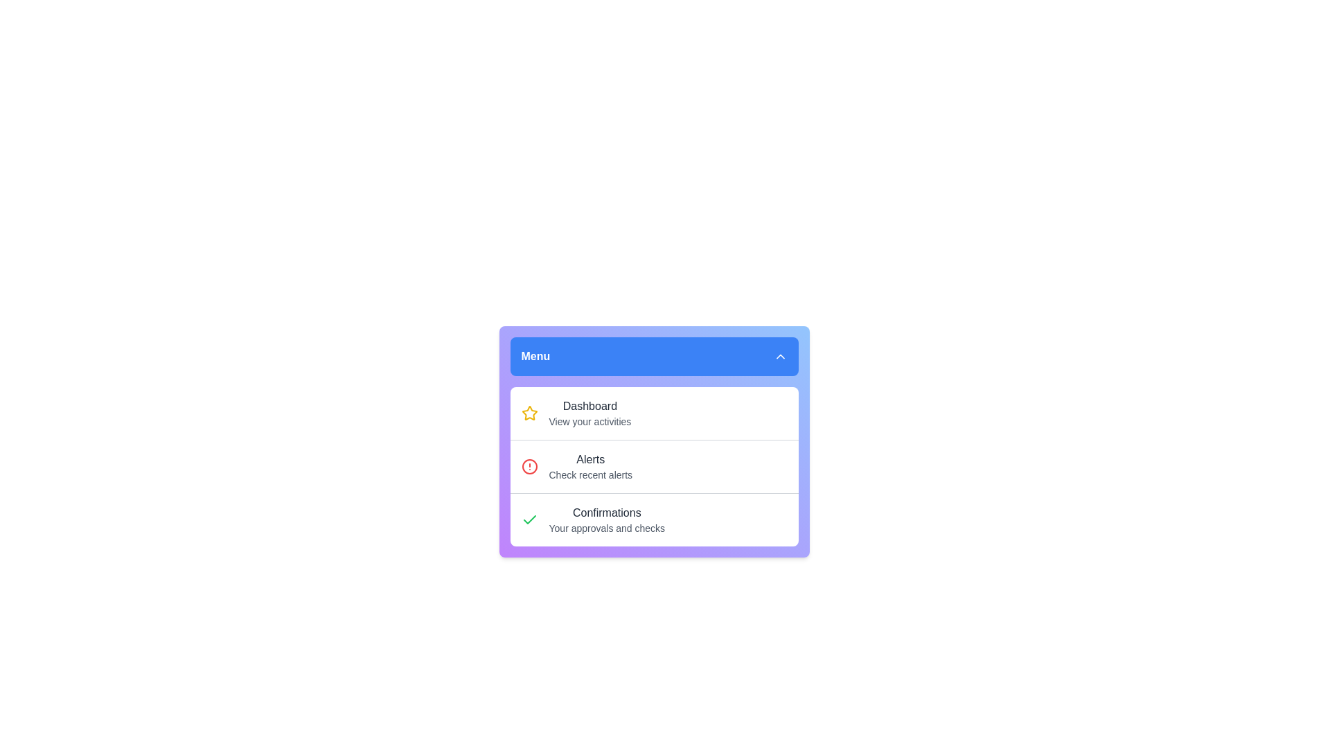 Image resolution: width=1330 pixels, height=748 pixels. What do you see at coordinates (590, 467) in the screenshot?
I see `the 'Recent Alerts' menu option, which is the second item in the vertical list of a hoverable menu box, located directly below 'Dashboard'` at bounding box center [590, 467].